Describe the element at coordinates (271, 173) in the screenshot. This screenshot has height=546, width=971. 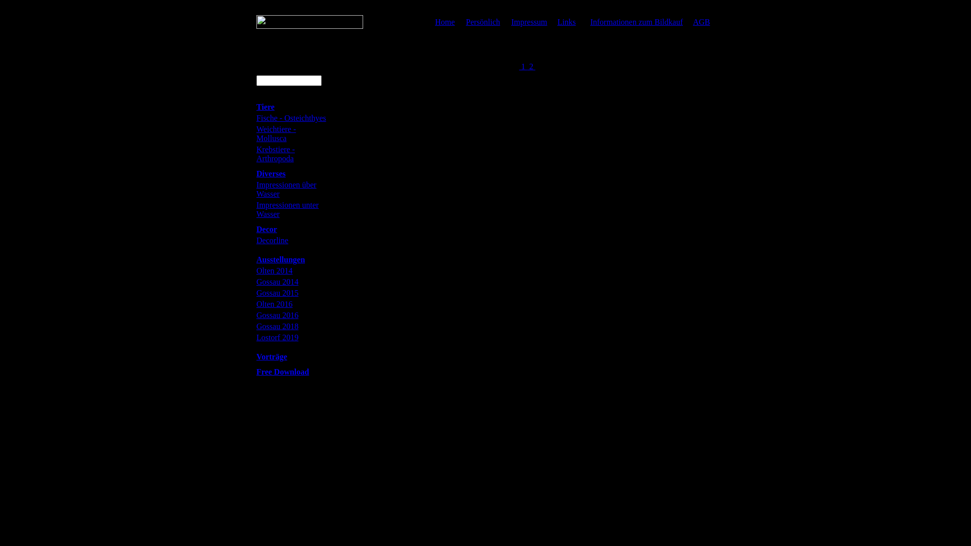
I see `'Diverses'` at that location.